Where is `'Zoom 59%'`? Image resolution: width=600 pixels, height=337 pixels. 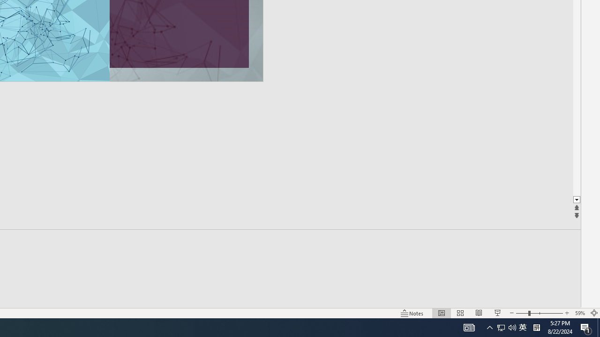 'Zoom 59%' is located at coordinates (579, 313).